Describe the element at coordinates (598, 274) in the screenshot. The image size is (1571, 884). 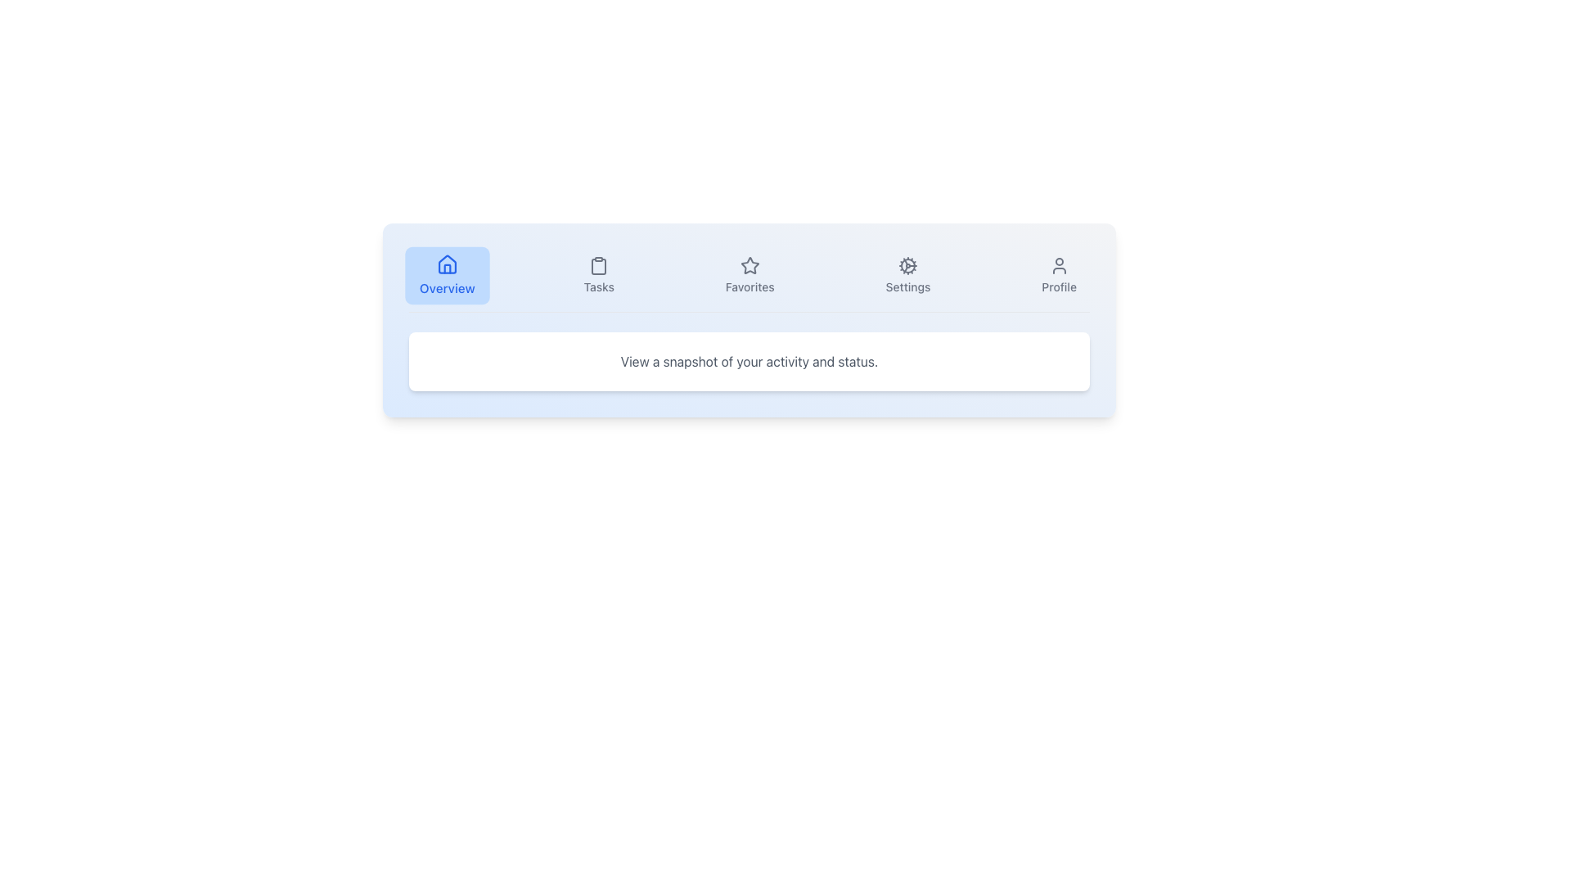
I see `the second button in the horizontal navigation bar, which has an icon of a clipboard above the text 'Tasks'` at that location.